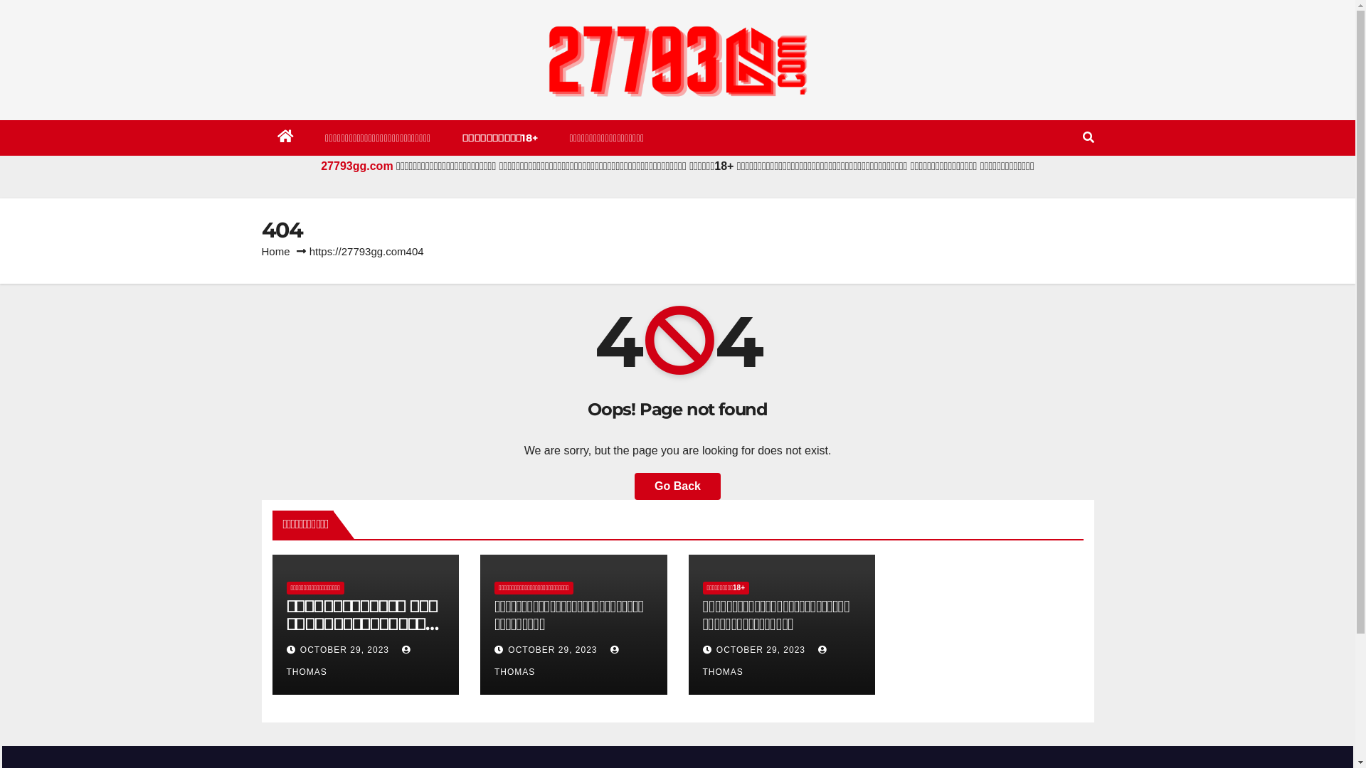  What do you see at coordinates (558, 661) in the screenshot?
I see `'THOMAS'` at bounding box center [558, 661].